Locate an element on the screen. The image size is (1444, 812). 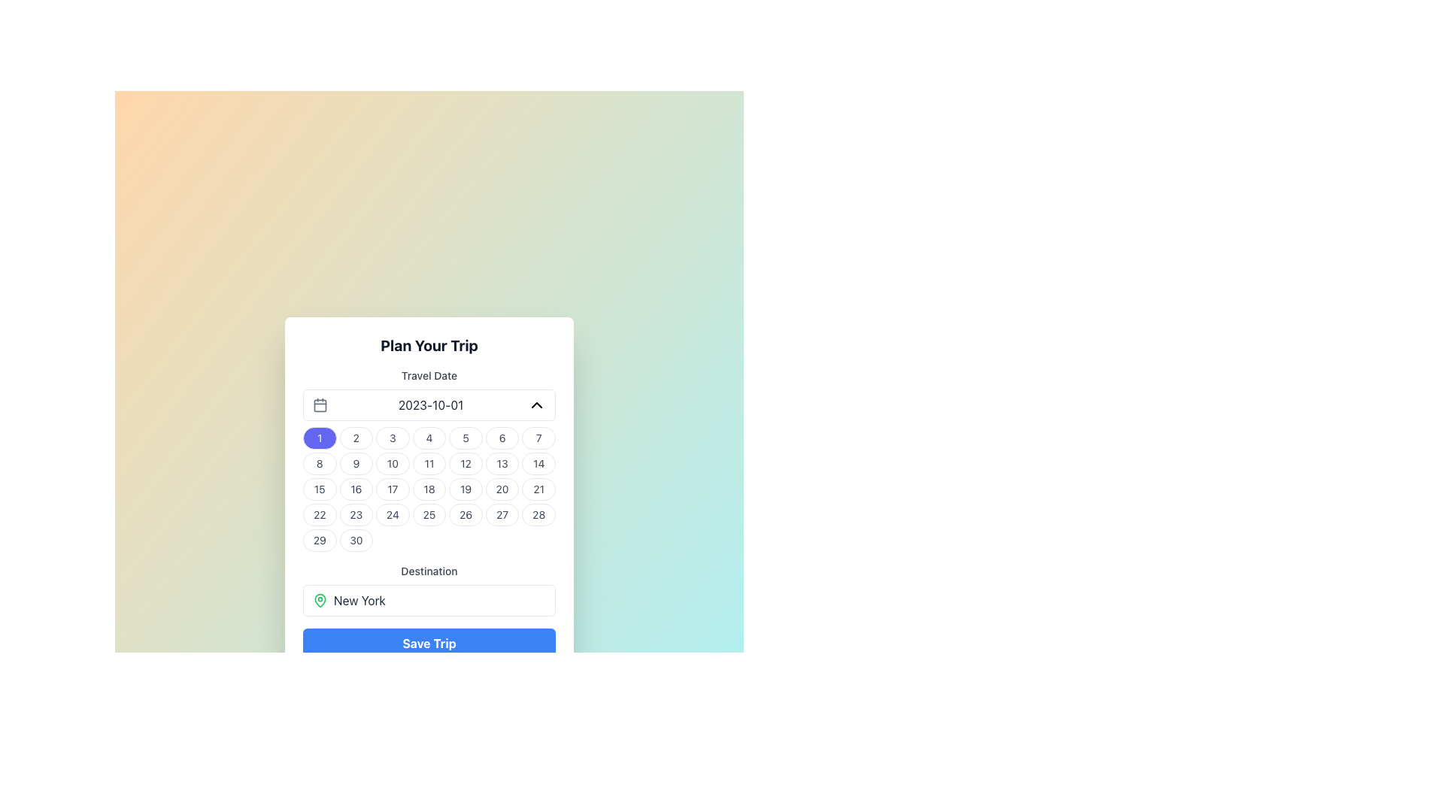
the small, rounded square button labeled '11' is located at coordinates (429, 463).